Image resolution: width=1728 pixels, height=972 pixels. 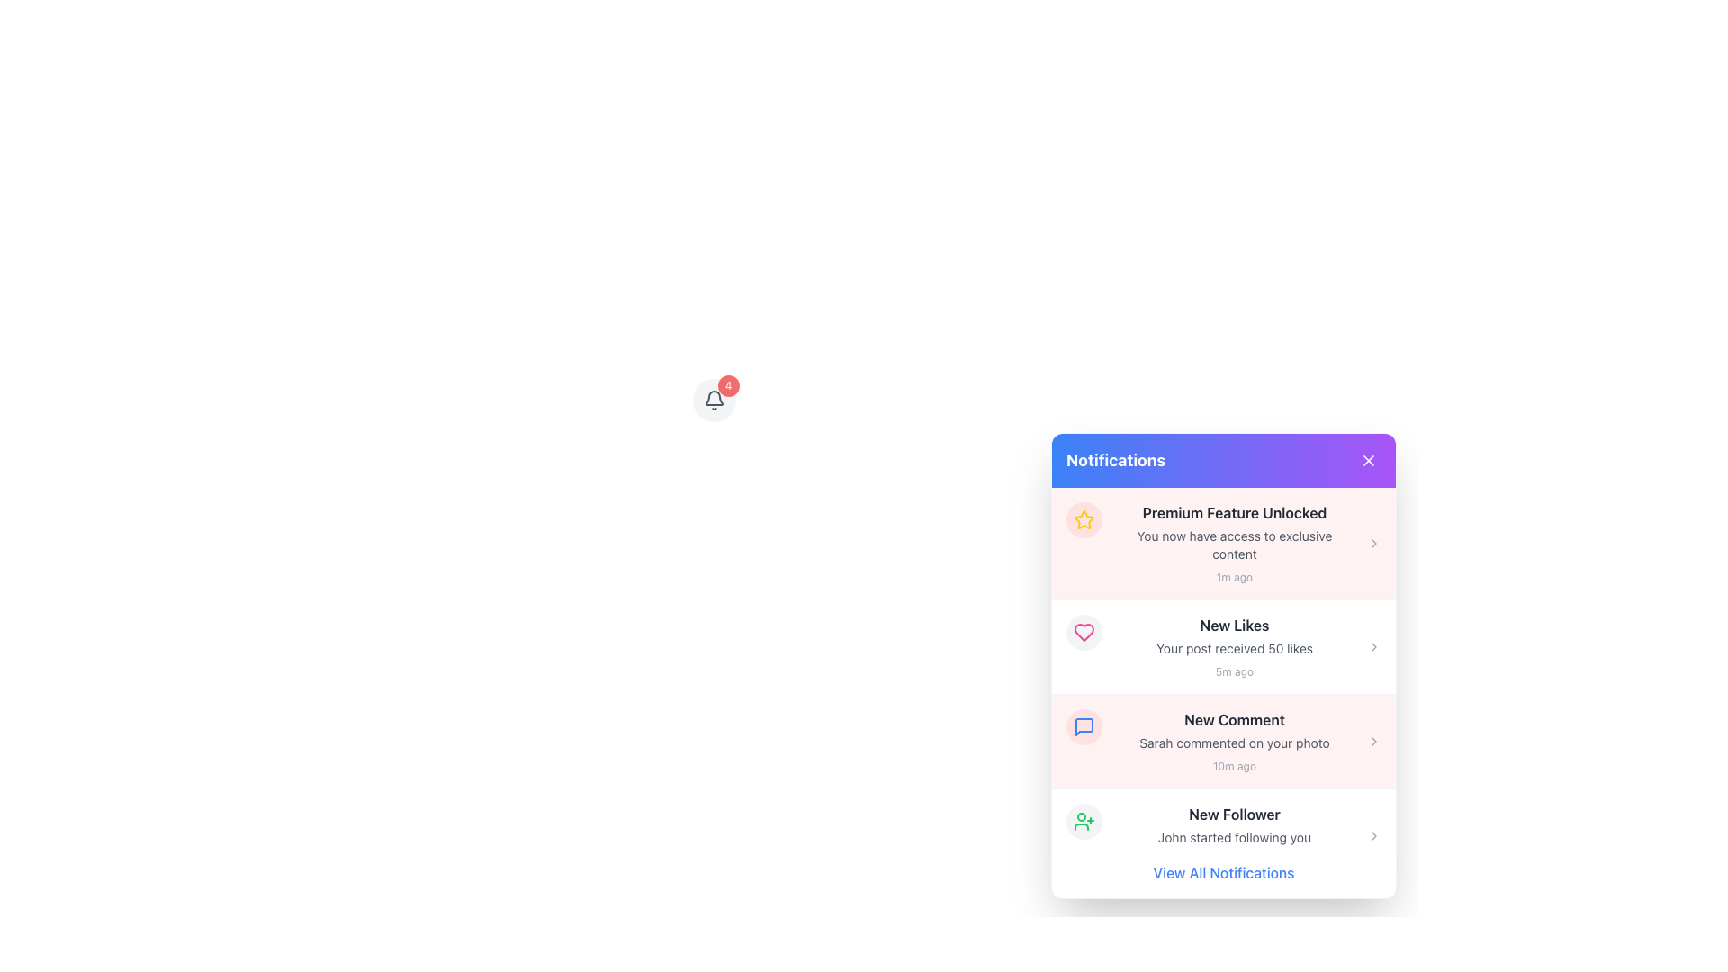 I want to click on the 'Likes' icon located on the left side of the notification text within the second notification item in the 'New Likes' section, so click(x=1083, y=631).